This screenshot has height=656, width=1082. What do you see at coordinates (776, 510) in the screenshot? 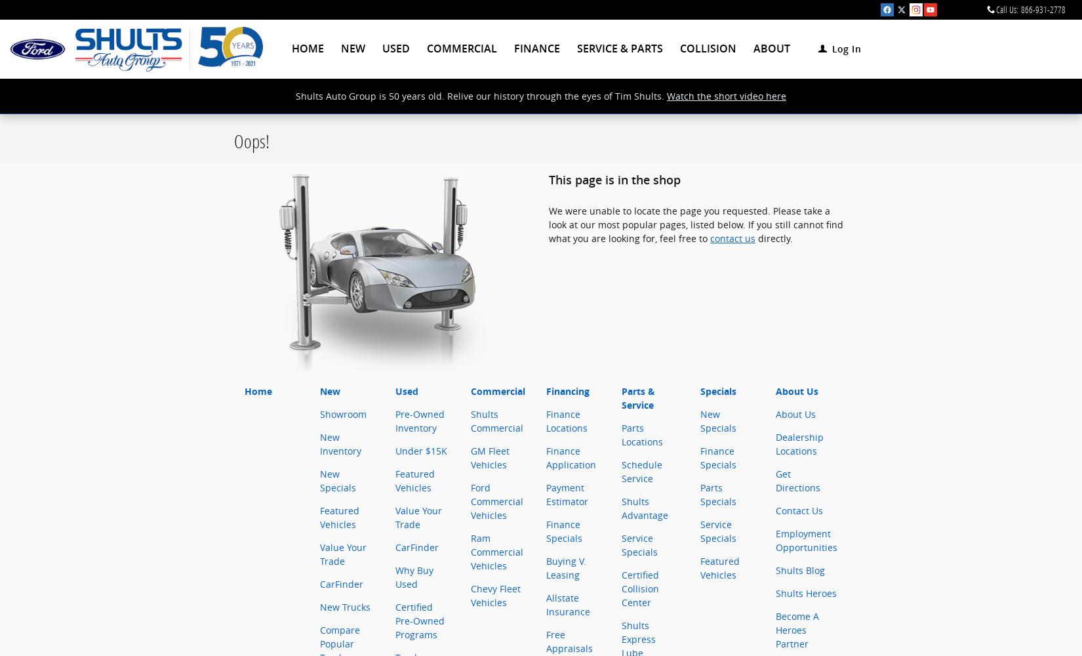
I see `'Contact Us'` at bounding box center [776, 510].